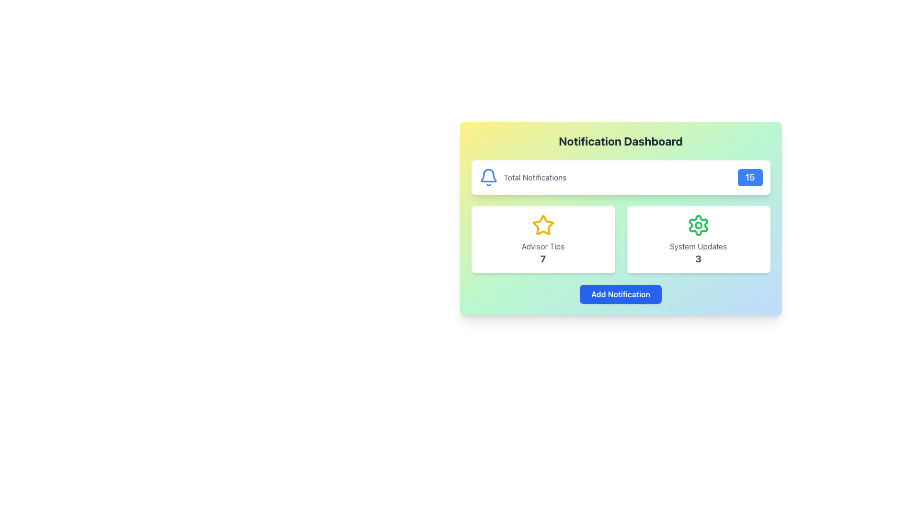 The image size is (920, 517). I want to click on the Interactive Summary Card featuring a yellow star-icon and the text 'Advisor Tips' with the number '7' at the bottom, so click(543, 239).